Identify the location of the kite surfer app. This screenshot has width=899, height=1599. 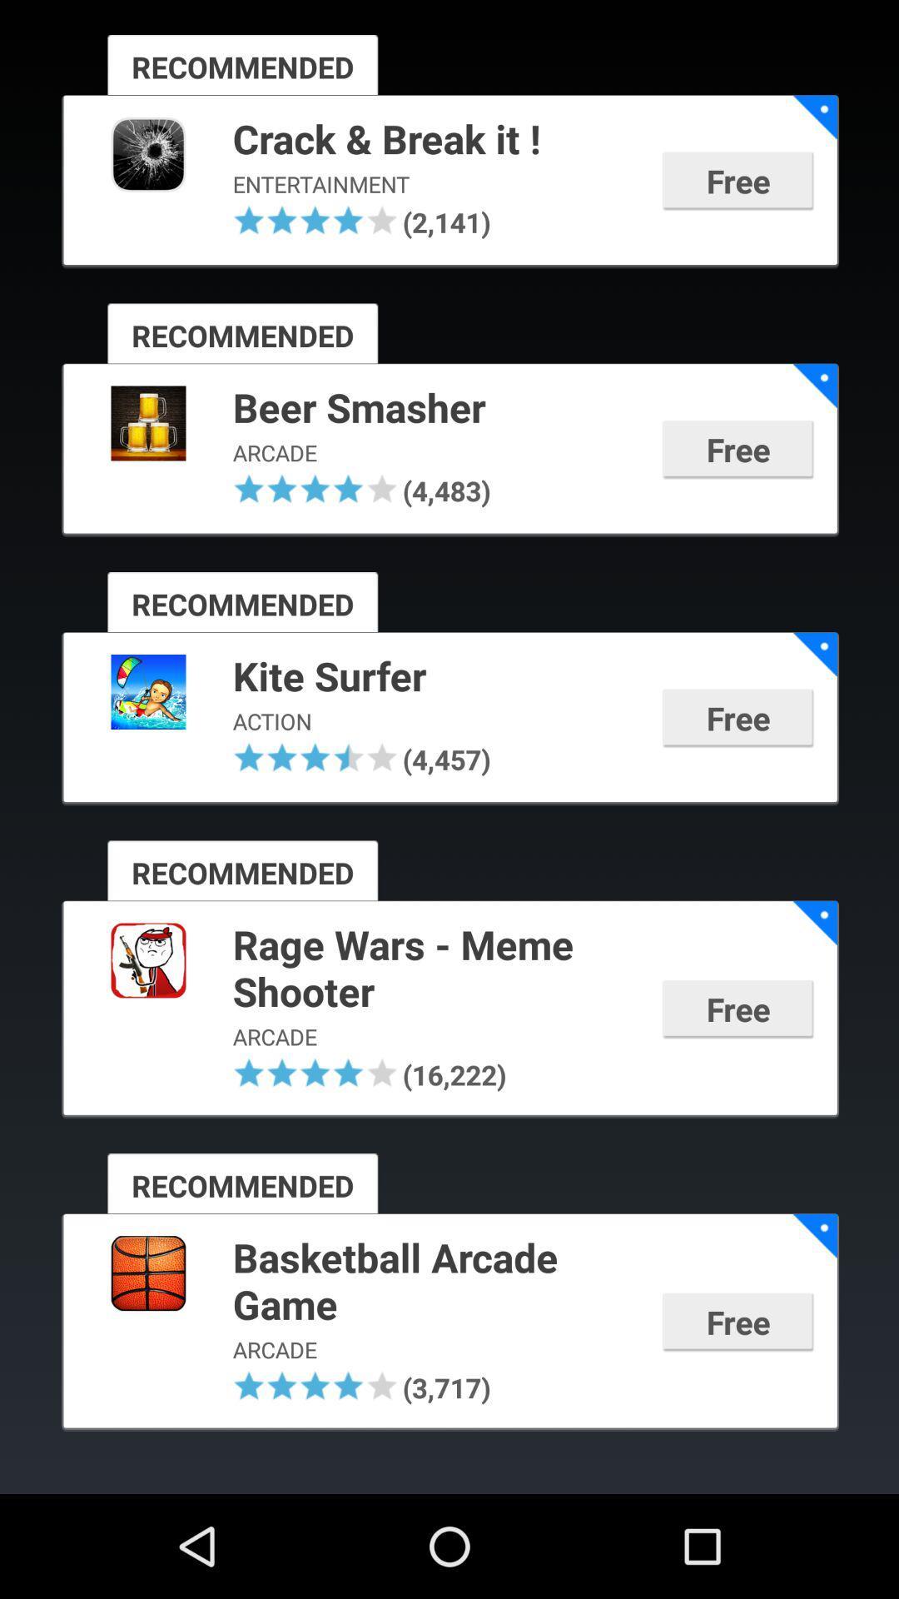
(435, 678).